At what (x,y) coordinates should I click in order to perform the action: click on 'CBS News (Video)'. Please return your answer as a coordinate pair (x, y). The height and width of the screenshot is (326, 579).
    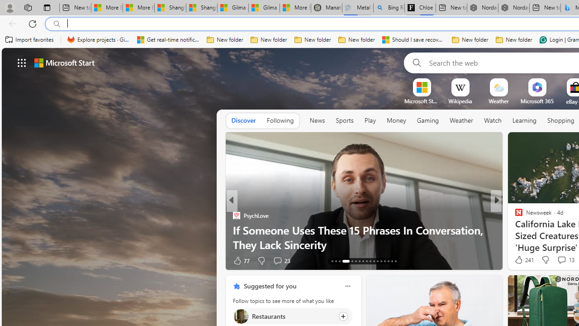
    Looking at the image, I should click on (515, 215).